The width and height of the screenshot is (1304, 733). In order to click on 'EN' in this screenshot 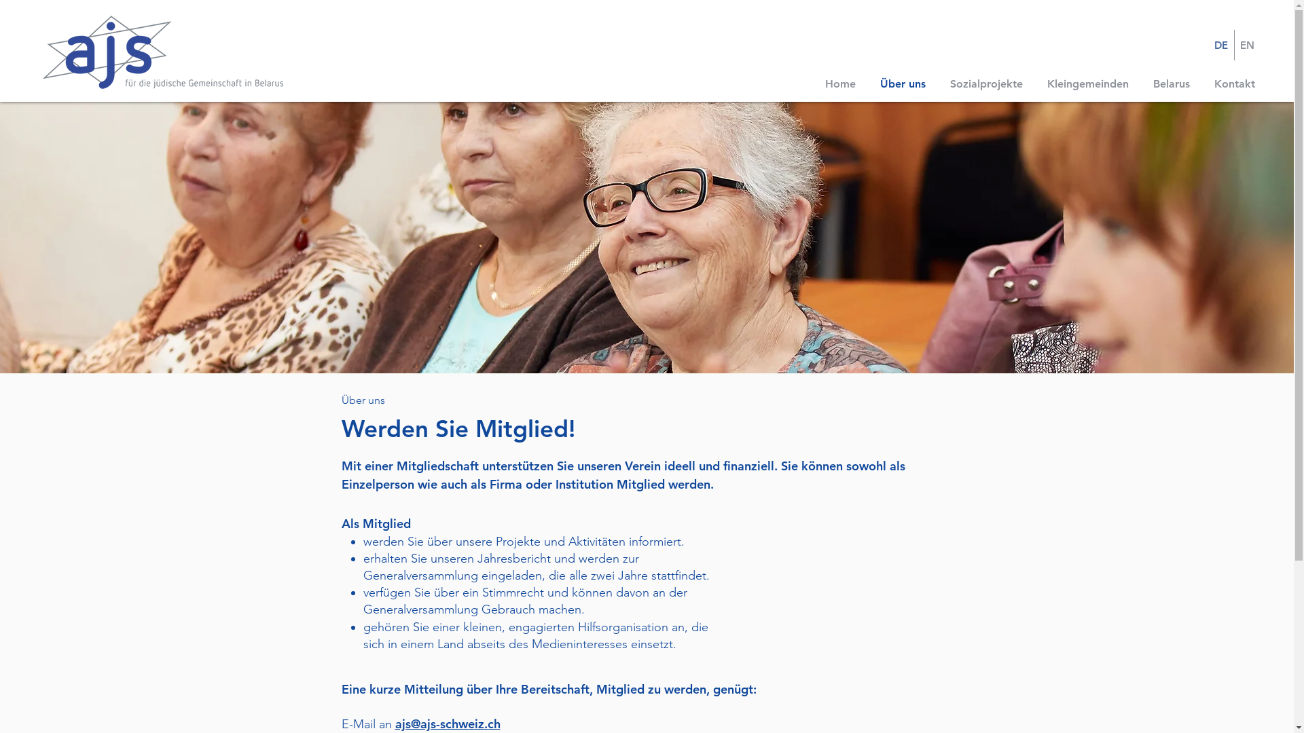, I will do `click(1246, 44)`.